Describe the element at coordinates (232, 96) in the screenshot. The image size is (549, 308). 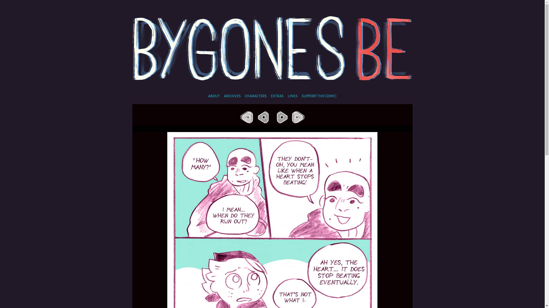
I see `'ARCHIVES'` at that location.